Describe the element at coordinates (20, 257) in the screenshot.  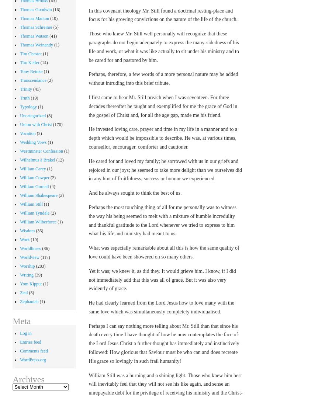
I see `'Worldview'` at that location.